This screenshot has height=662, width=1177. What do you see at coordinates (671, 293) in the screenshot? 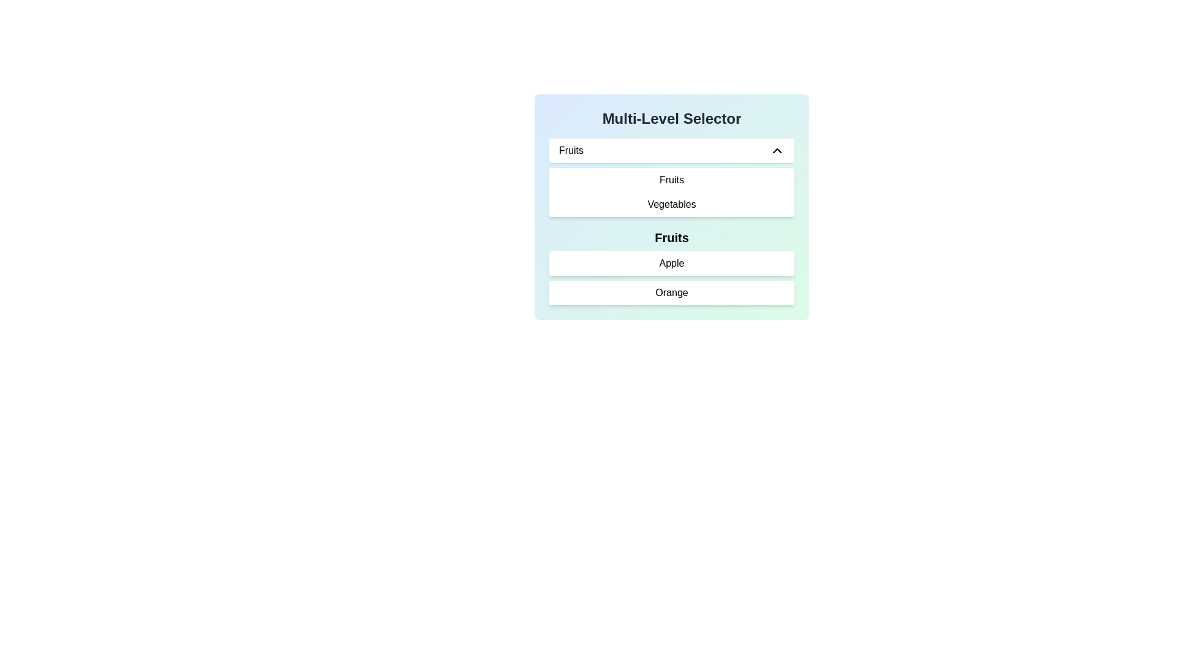
I see `the 'Orange' menu item located below the 'Apple' option in the 'Fruits' menu` at bounding box center [671, 293].